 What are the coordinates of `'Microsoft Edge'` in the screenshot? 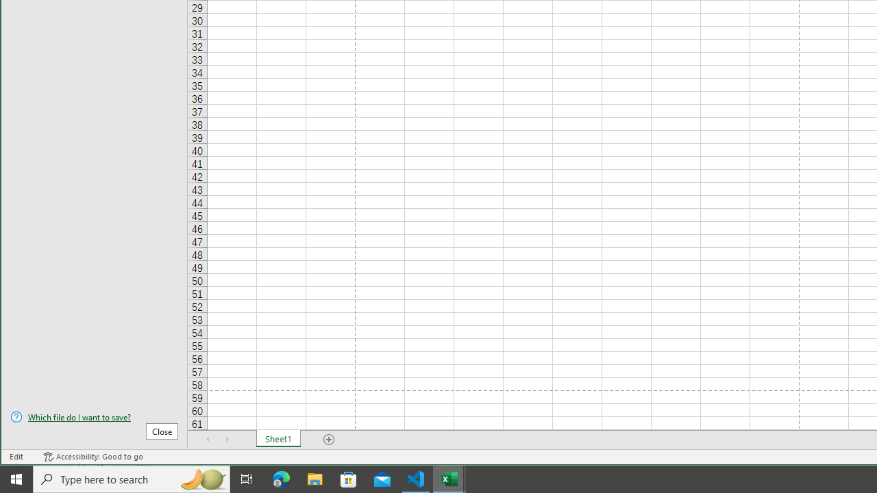 It's located at (281, 478).